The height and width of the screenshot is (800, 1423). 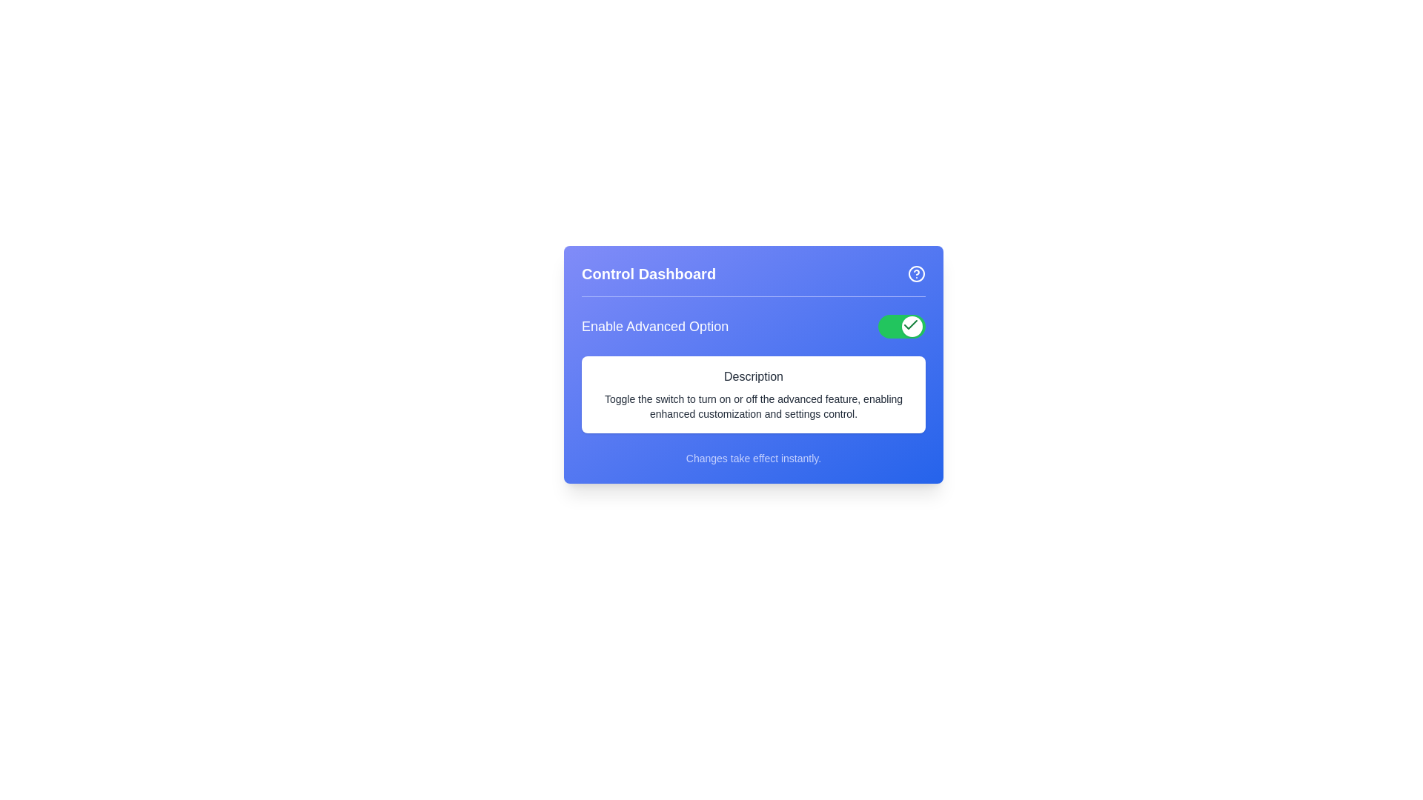 I want to click on text block titled 'Description' that explains the toggle switch functionality, located within a rectangular area below the 'Enable Advanced Option' section, so click(x=754, y=393).